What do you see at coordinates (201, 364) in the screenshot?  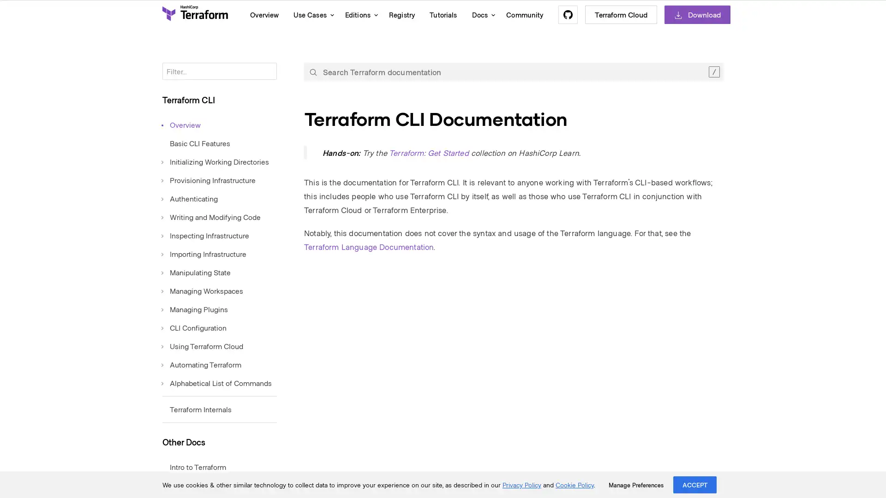 I see `Automating Terraform` at bounding box center [201, 364].